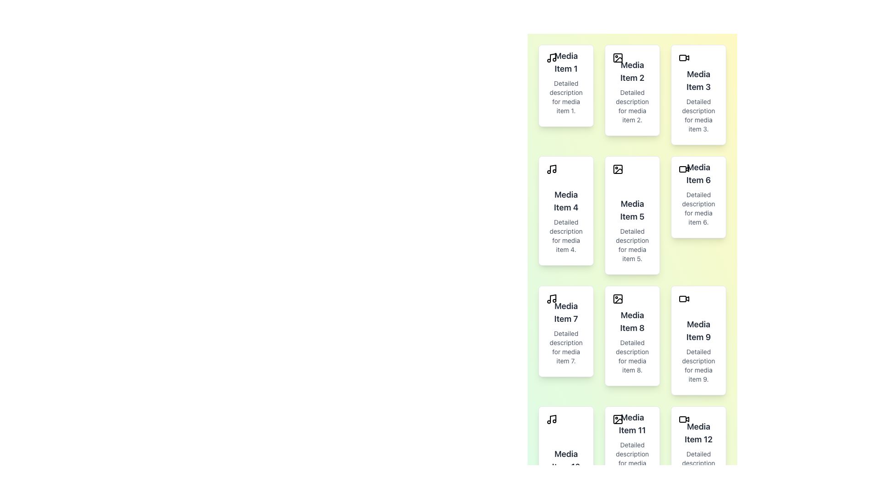  What do you see at coordinates (565, 86) in the screenshot?
I see `the first media card located in the top-left corner of the grid layout` at bounding box center [565, 86].